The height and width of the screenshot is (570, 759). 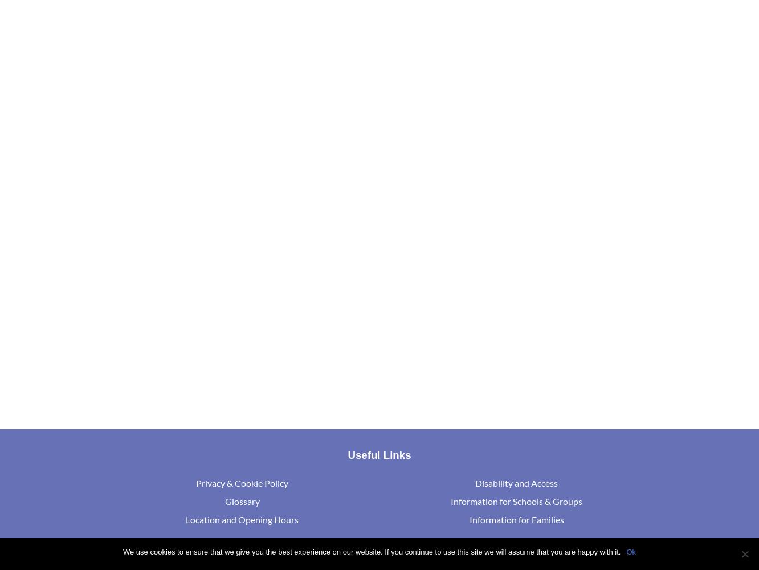 What do you see at coordinates (252, 557) in the screenshot?
I see `'© 2023 Aberystwyth University'` at bounding box center [252, 557].